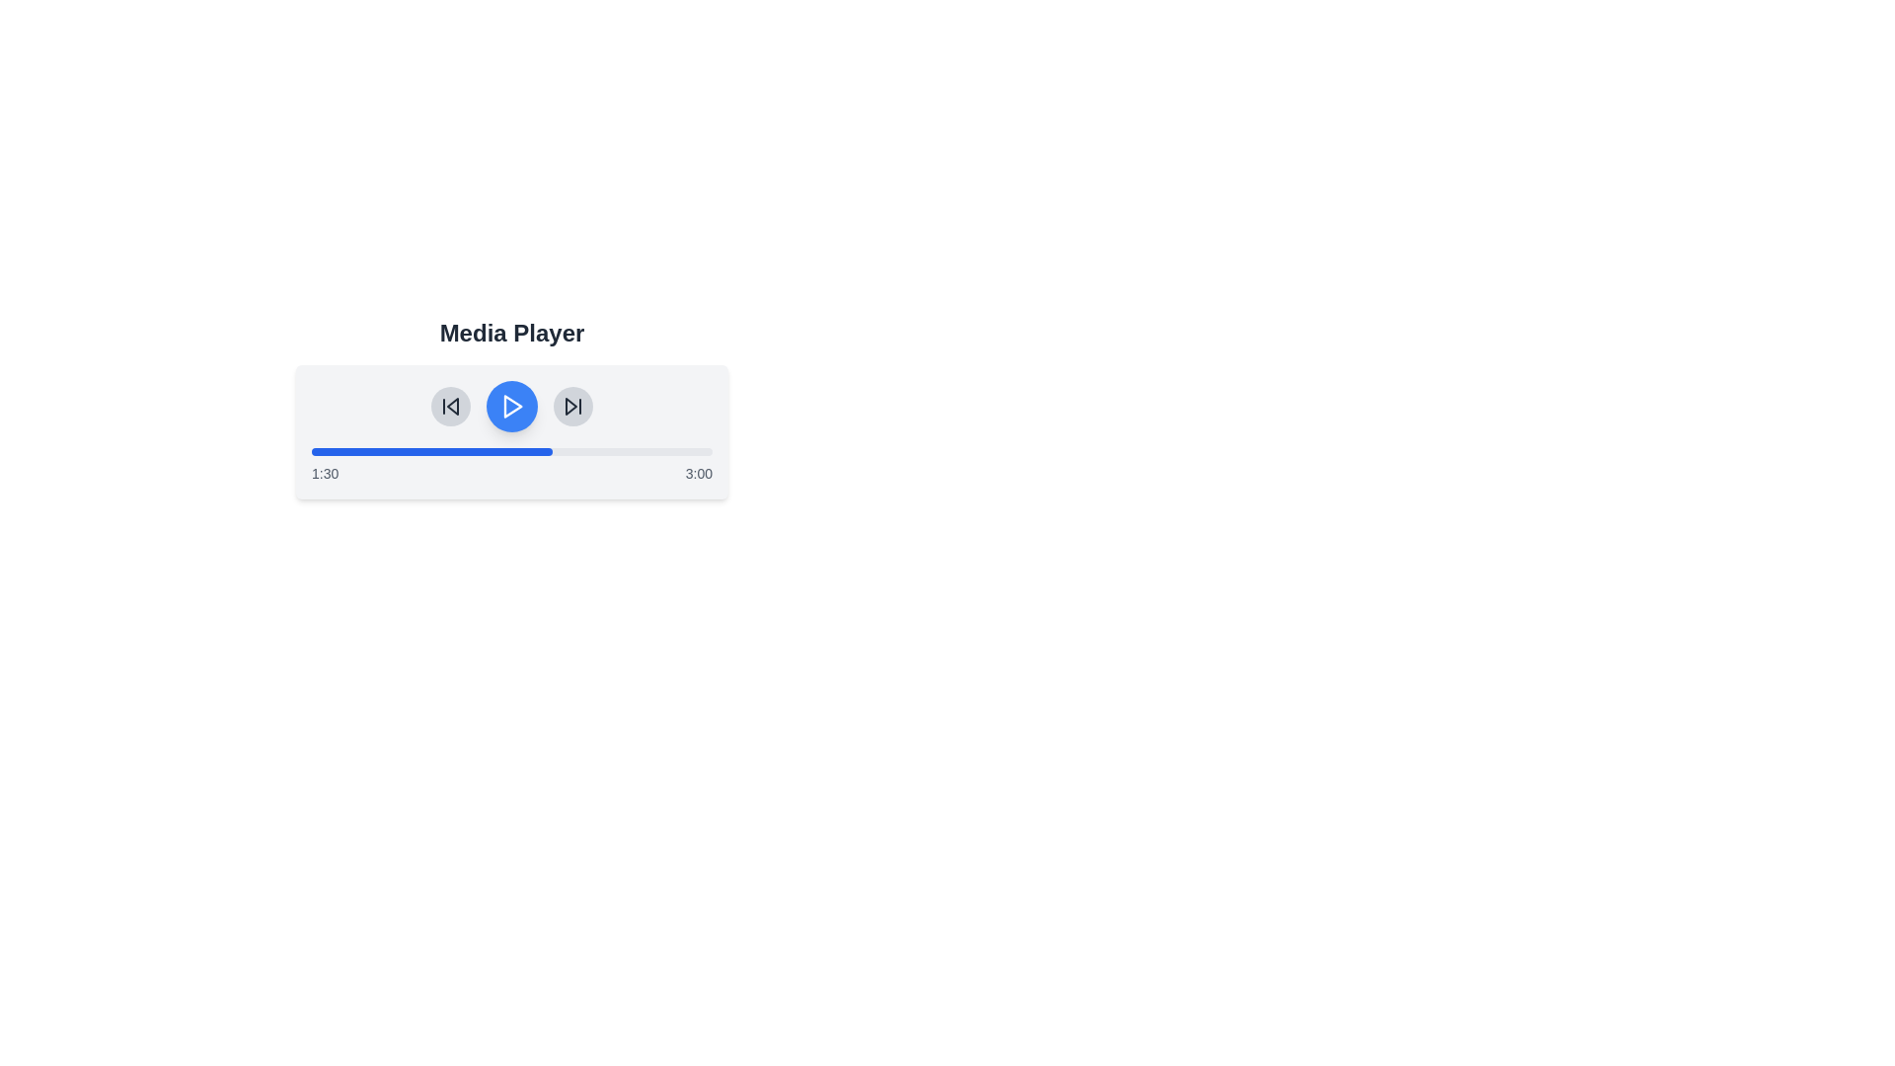  I want to click on the skip-forward button in the media player interface, so click(571, 406).